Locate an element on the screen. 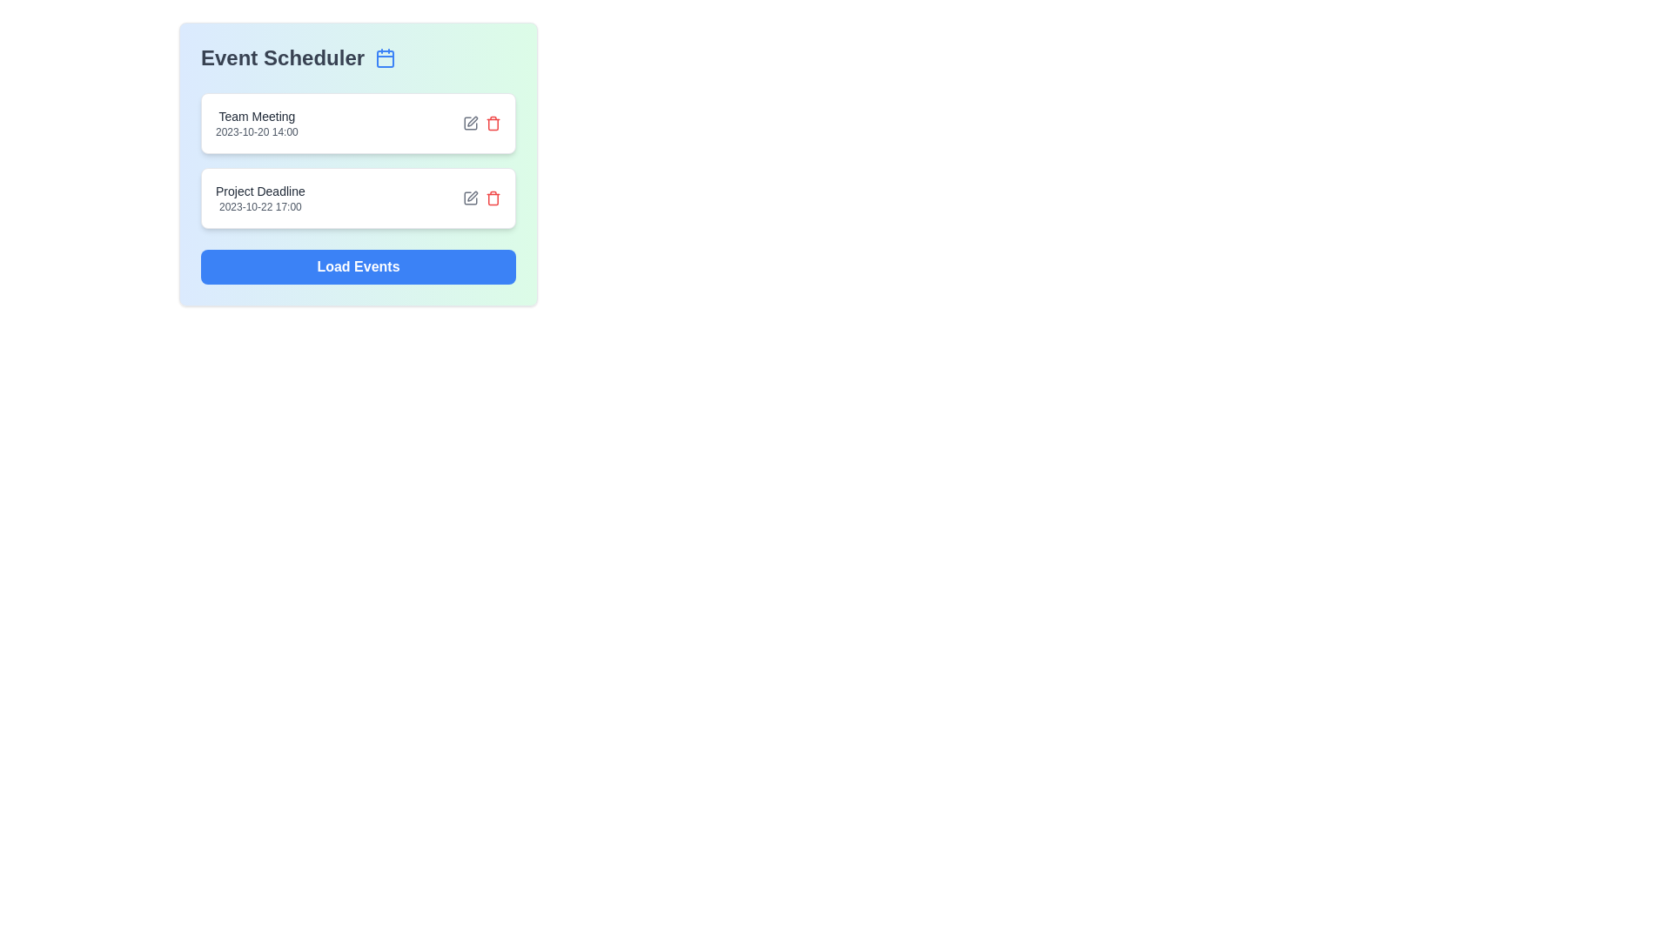  information displayed in the text label showing 'Project Deadline' and '2023-10-22 17:00', which is the second item in a list of events within a card layout is located at coordinates (259, 197).